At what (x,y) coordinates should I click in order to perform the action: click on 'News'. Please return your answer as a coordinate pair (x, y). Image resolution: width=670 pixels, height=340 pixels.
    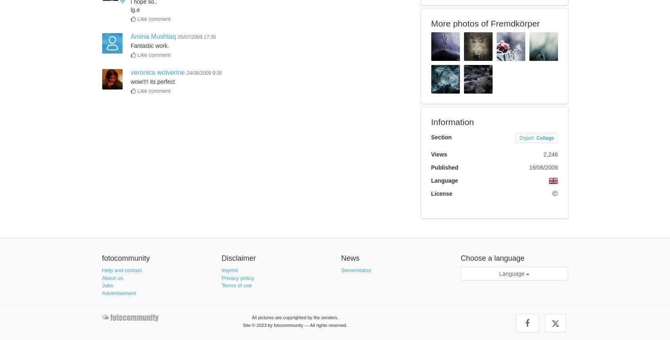
    Looking at the image, I should click on (350, 258).